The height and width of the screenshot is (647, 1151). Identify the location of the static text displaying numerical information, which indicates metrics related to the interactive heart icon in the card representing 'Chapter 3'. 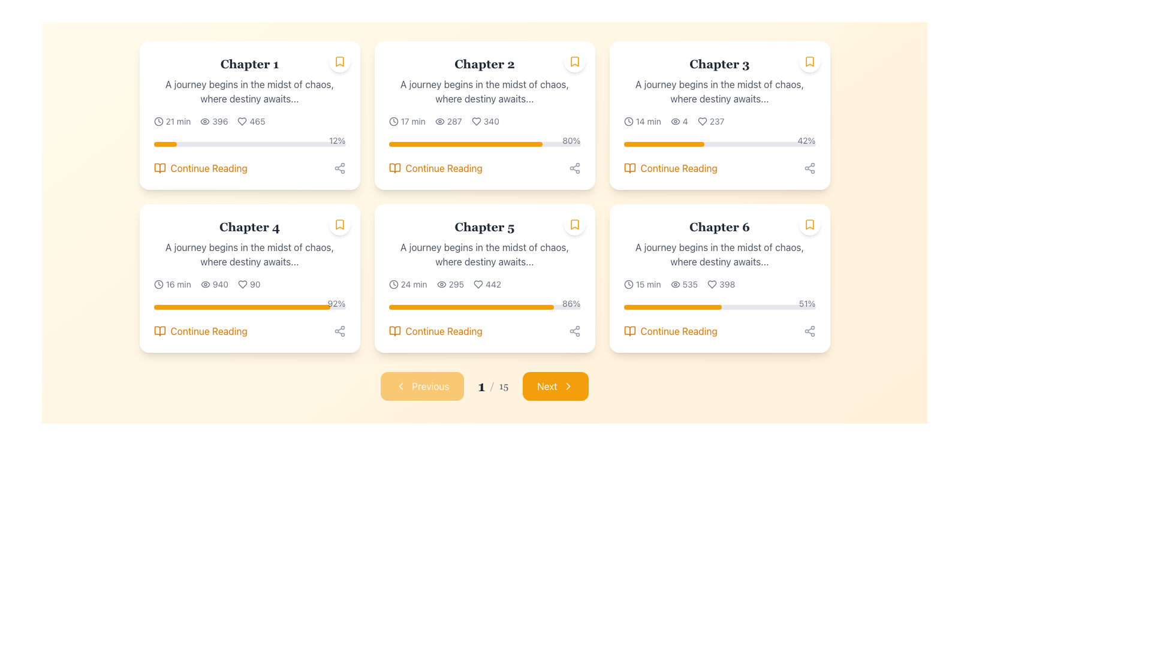
(717, 122).